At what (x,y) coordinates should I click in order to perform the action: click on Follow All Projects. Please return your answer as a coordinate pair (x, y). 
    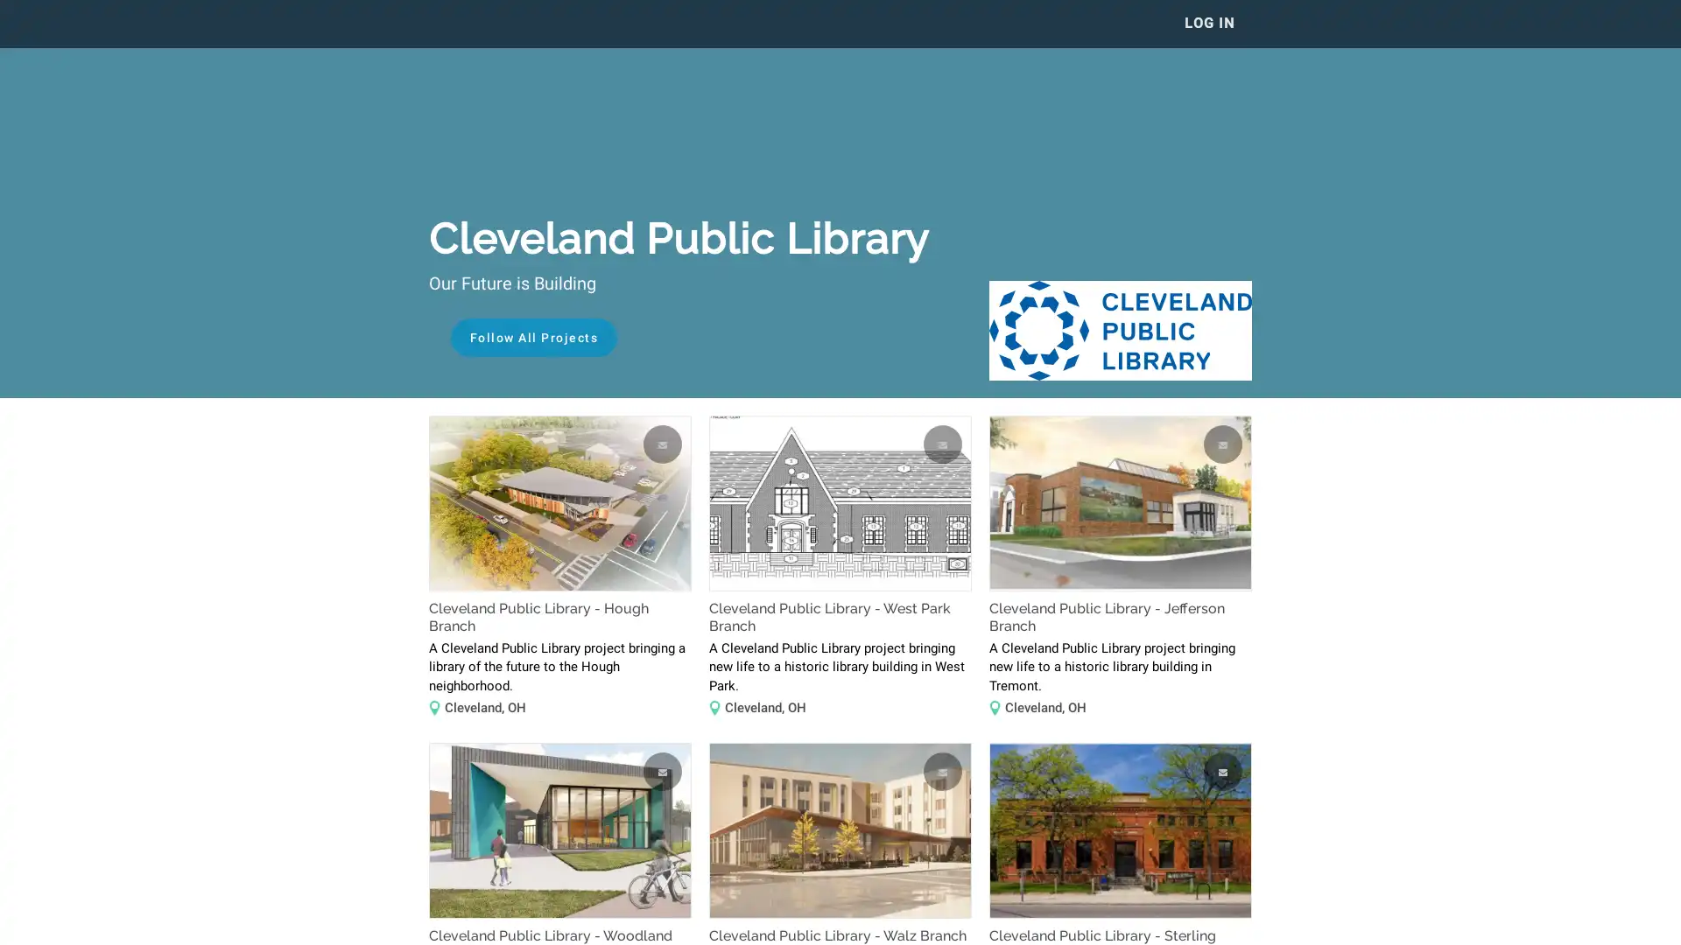
    Looking at the image, I should click on (532, 337).